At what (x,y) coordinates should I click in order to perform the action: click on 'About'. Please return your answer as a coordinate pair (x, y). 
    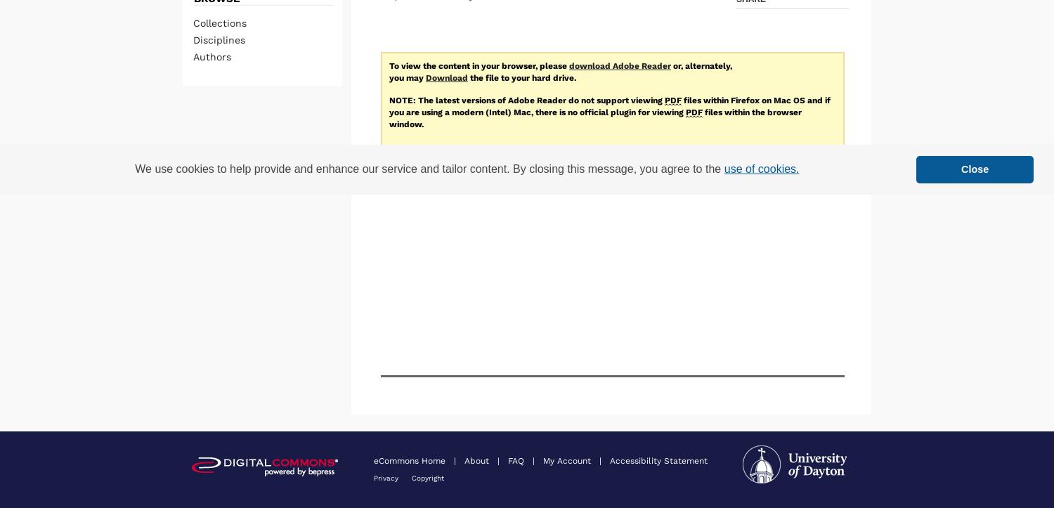
    Looking at the image, I should click on (478, 459).